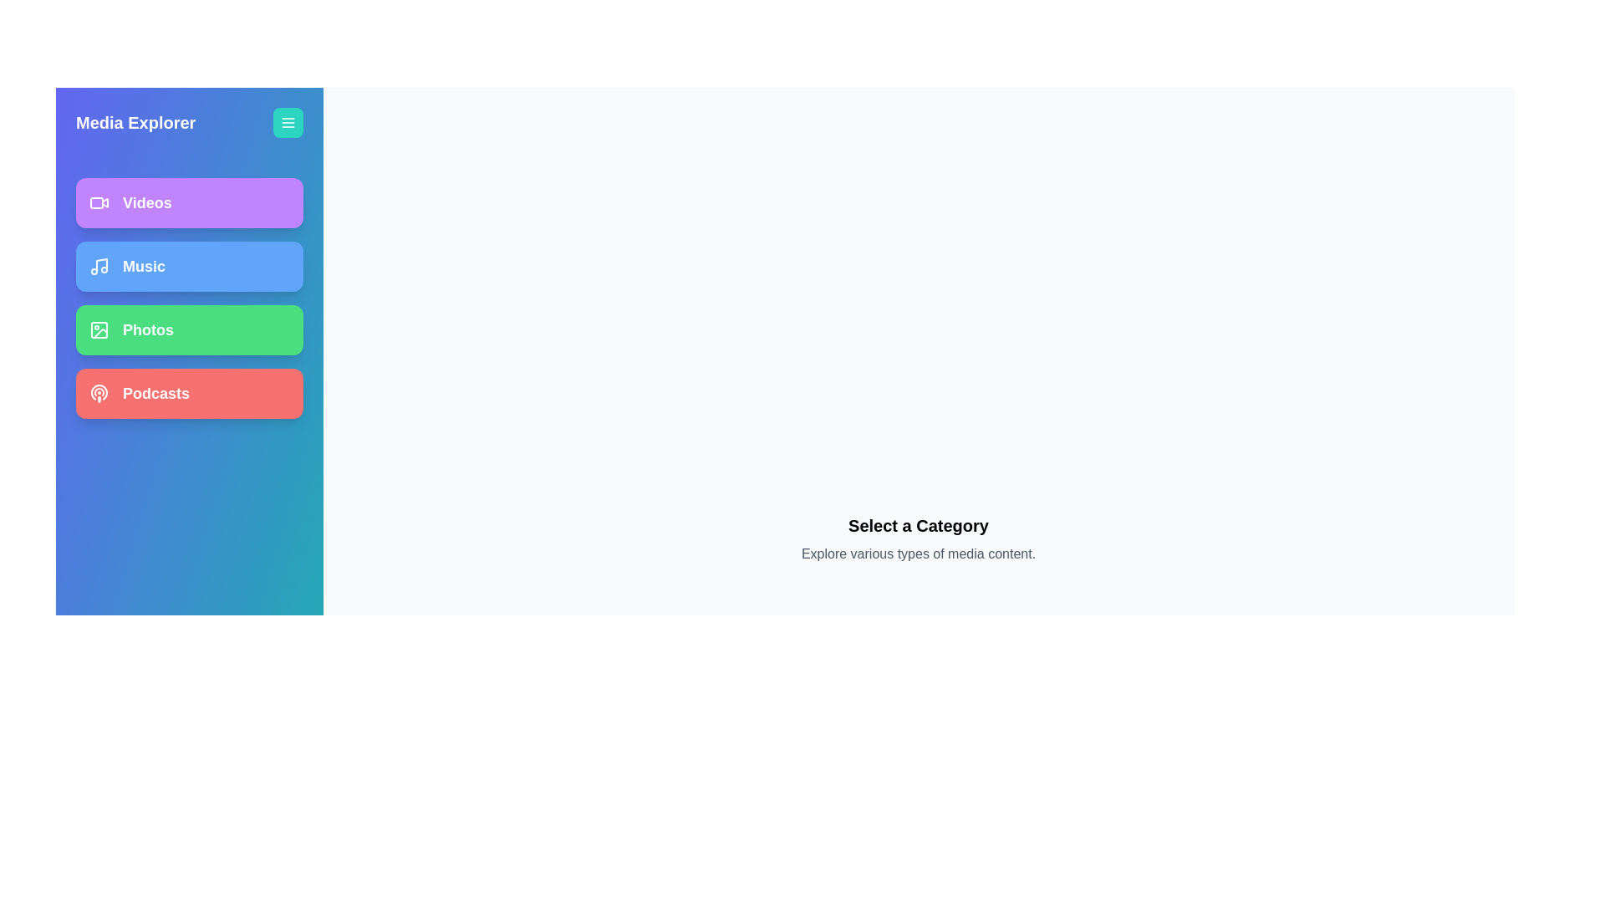  What do you see at coordinates (189, 202) in the screenshot?
I see `the media category Videos` at bounding box center [189, 202].